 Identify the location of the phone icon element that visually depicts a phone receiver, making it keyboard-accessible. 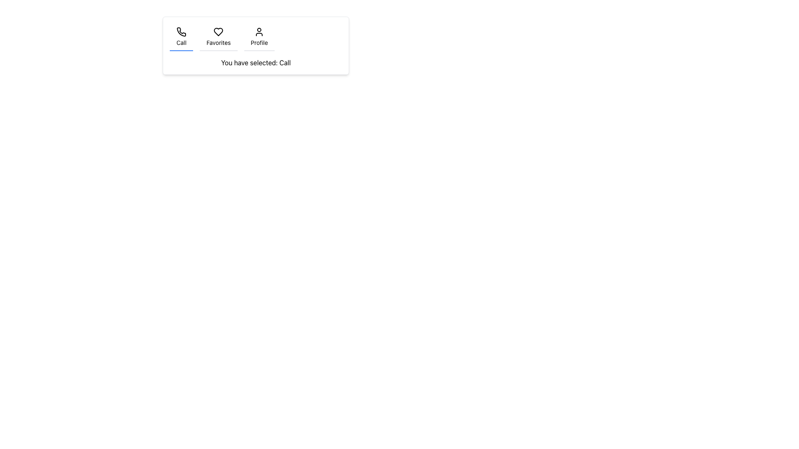
(181, 32).